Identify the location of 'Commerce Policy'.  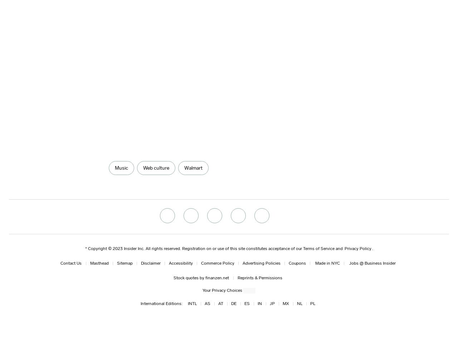
(217, 262).